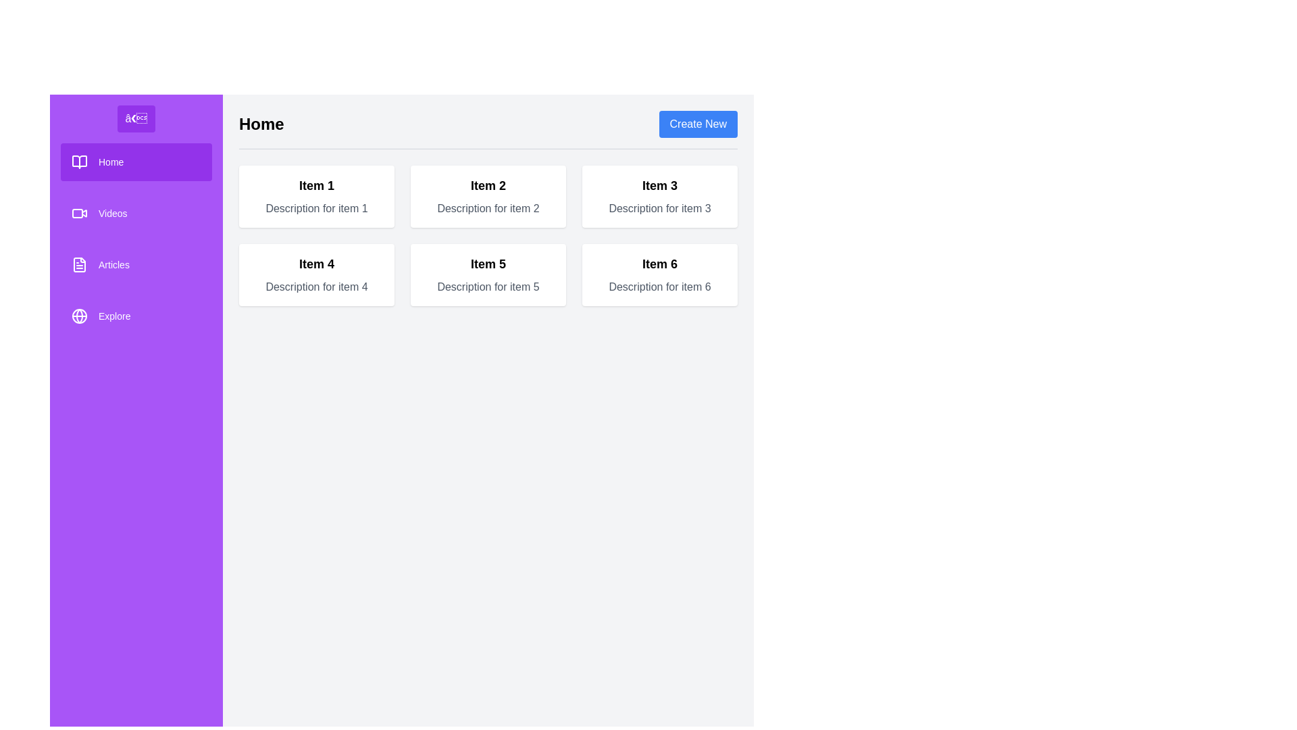  Describe the element at coordinates (77, 213) in the screenshot. I see `the 'Videos' tab icon in the sidebar navigation menu, which visually represents the video section` at that location.